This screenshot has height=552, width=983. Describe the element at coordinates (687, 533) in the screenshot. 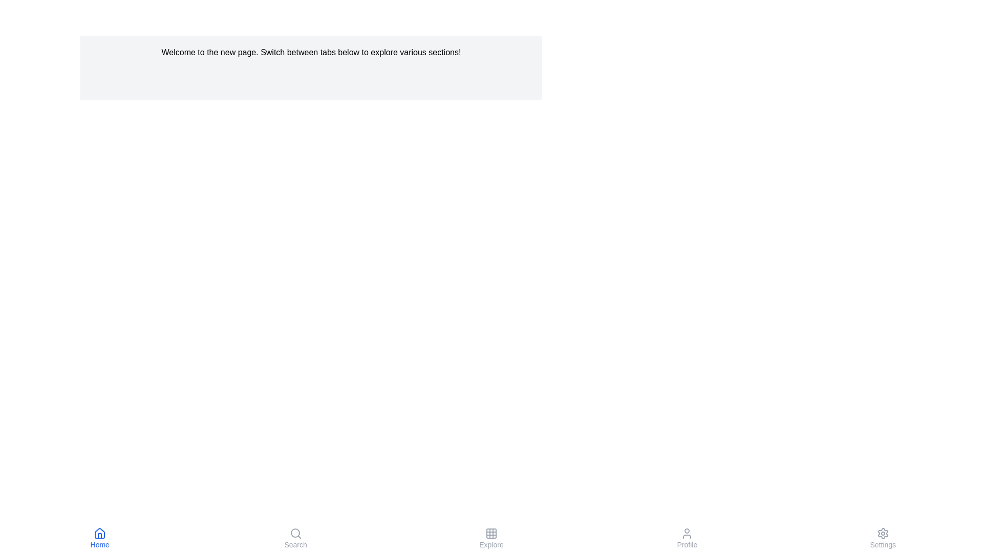

I see `the 'Profile' icon in the navigation bar` at that location.